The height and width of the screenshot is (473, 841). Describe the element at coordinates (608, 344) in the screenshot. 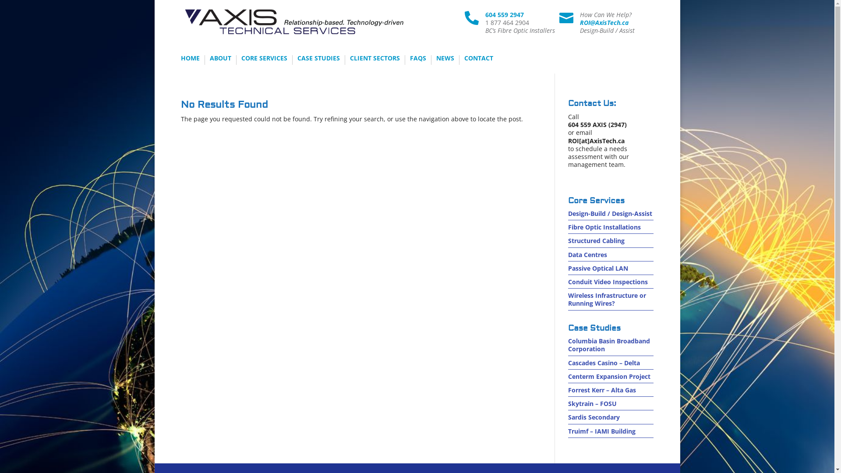

I see `'Columbia Basin Broadband Corporation'` at that location.